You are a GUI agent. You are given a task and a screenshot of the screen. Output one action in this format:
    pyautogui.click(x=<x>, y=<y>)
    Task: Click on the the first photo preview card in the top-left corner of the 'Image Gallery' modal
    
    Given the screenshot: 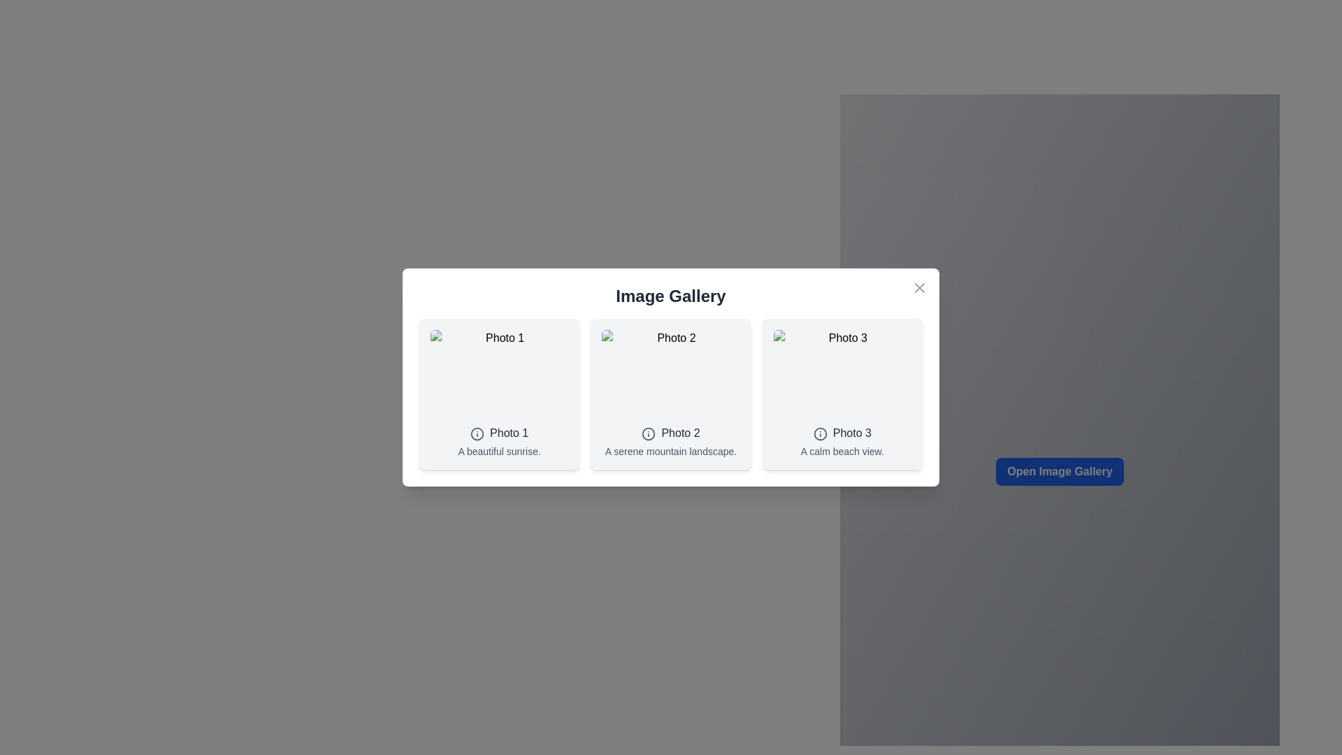 What is the action you would take?
    pyautogui.click(x=499, y=394)
    